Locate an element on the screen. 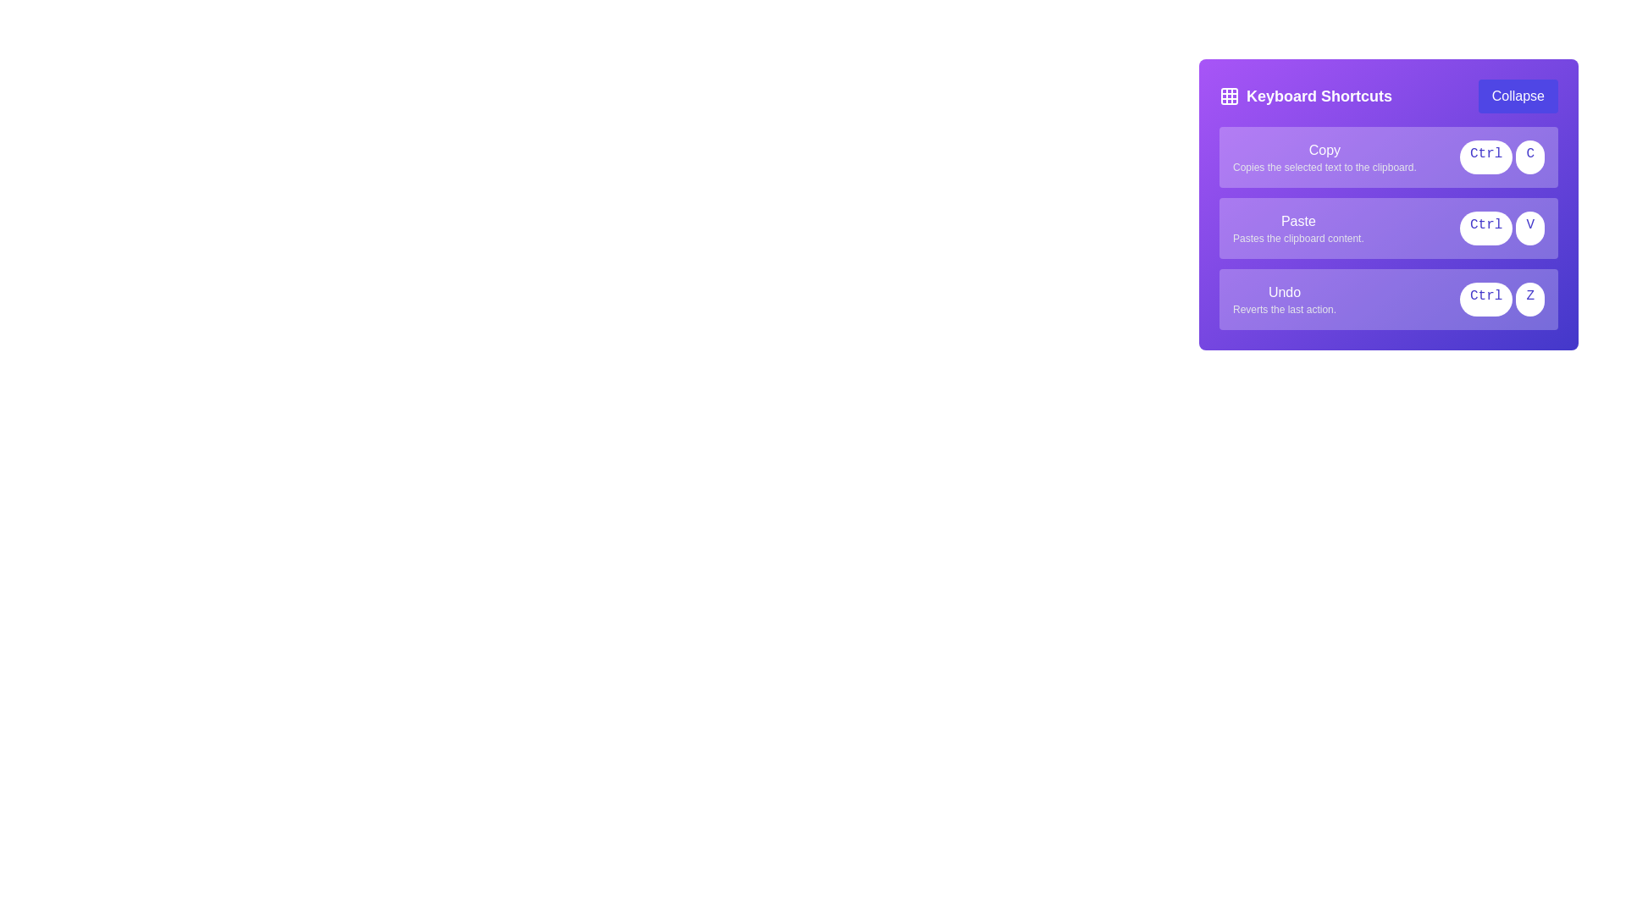  the instructional panel displaying the 'Copy' keyboard shortcut with keys 'Ctrl' and 'C' in the 'Keyboard Shortcuts' section is located at coordinates (1389, 157).